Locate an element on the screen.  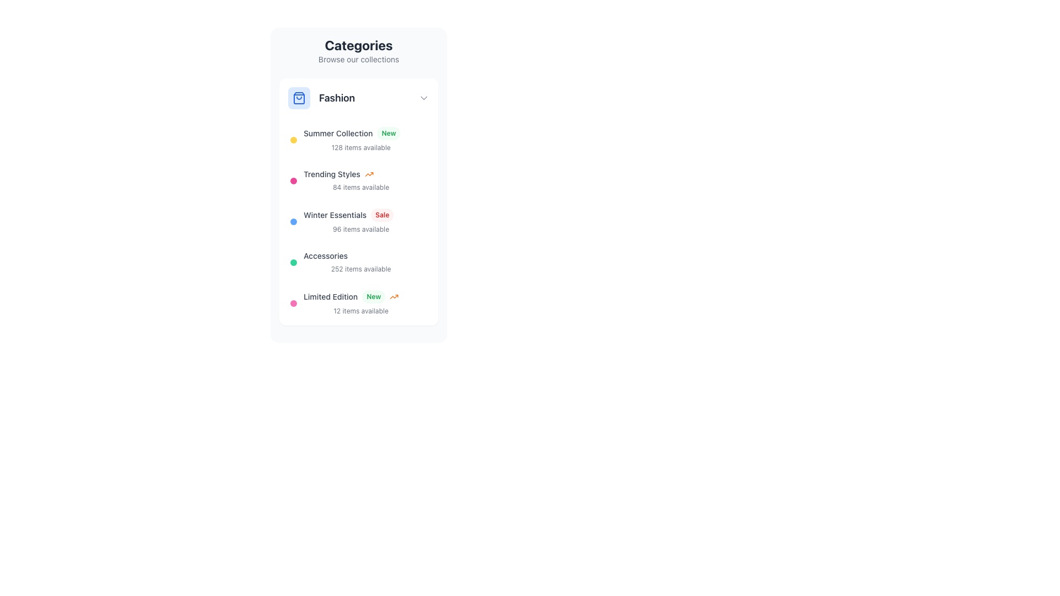
the 'Summer Collection' list item under the 'Fashion' category is located at coordinates (358, 140).